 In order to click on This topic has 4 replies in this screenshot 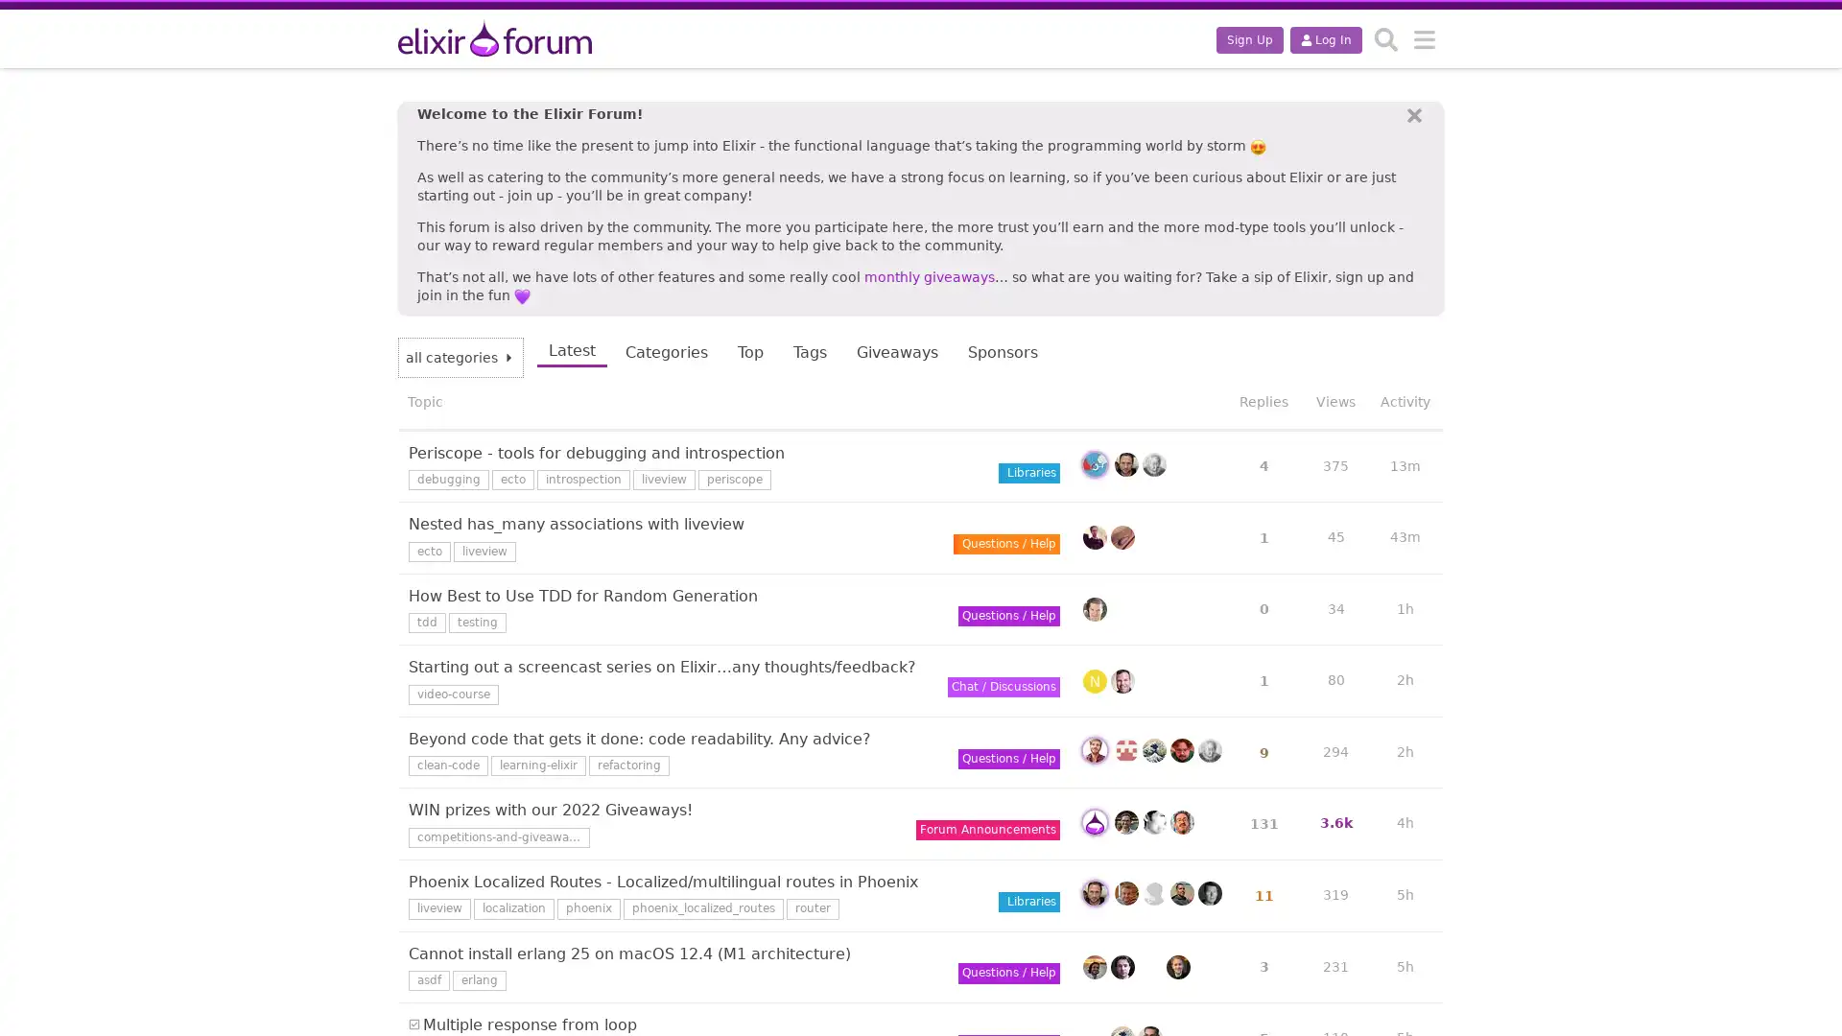, I will do `click(921, 63)`.